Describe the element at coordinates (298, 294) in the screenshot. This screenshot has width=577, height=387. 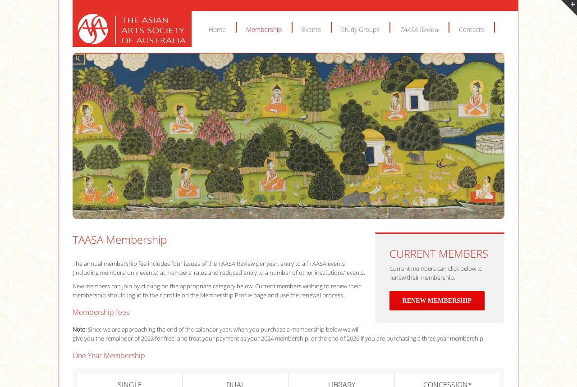
I see `'page and use the renewal process.'` at that location.